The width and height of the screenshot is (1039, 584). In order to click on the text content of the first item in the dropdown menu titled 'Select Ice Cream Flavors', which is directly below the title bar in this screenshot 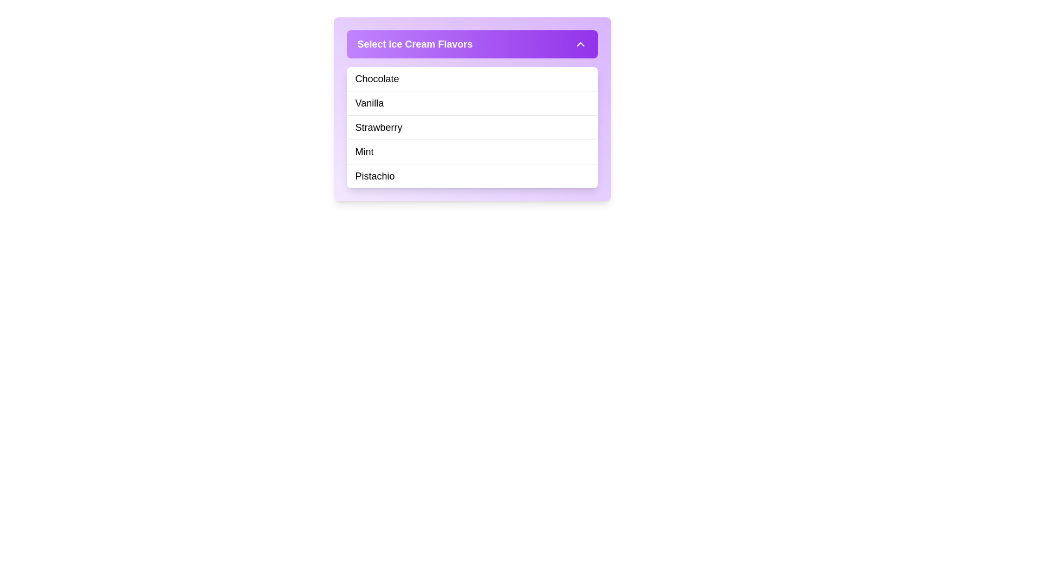, I will do `click(377, 78)`.